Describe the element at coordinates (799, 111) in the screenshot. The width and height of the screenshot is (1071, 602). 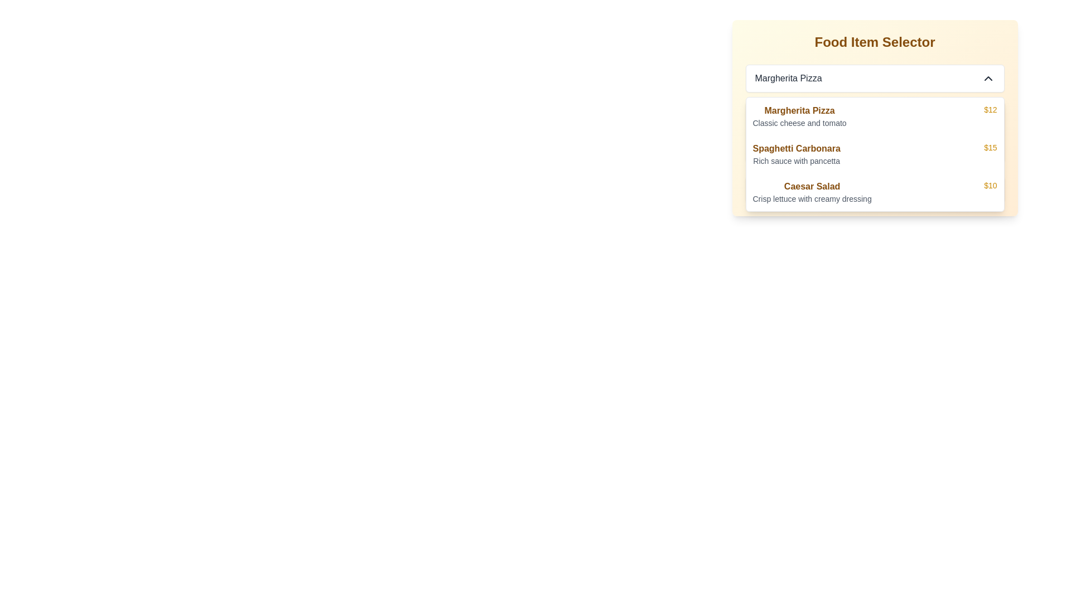
I see `the title header of the first food item in the 'Food Item Selector' dropdown menu` at that location.